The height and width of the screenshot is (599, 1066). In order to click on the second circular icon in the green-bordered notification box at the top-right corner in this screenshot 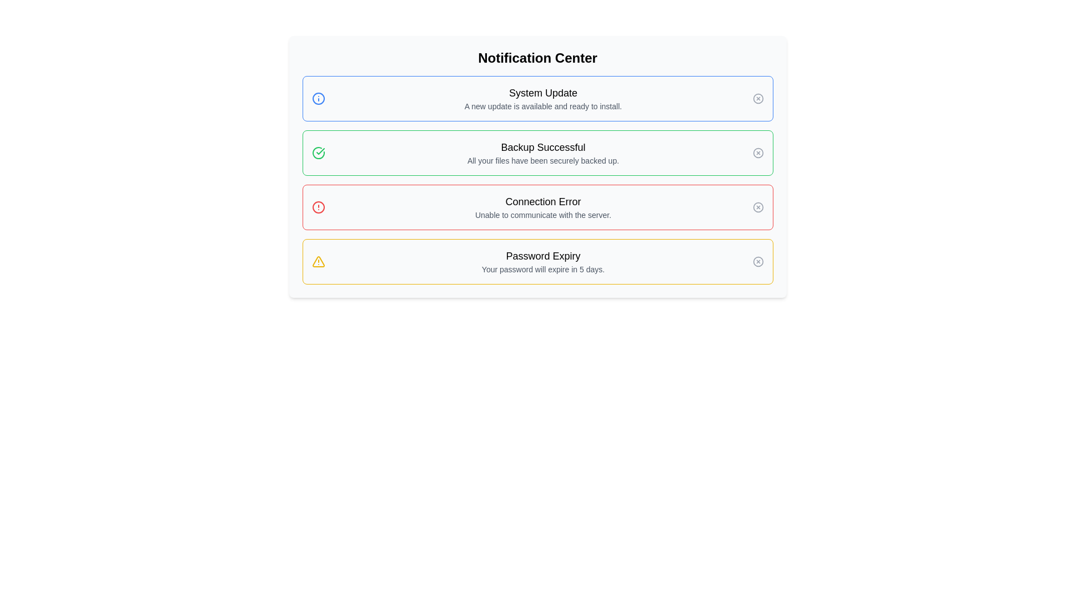, I will do `click(757, 153)`.